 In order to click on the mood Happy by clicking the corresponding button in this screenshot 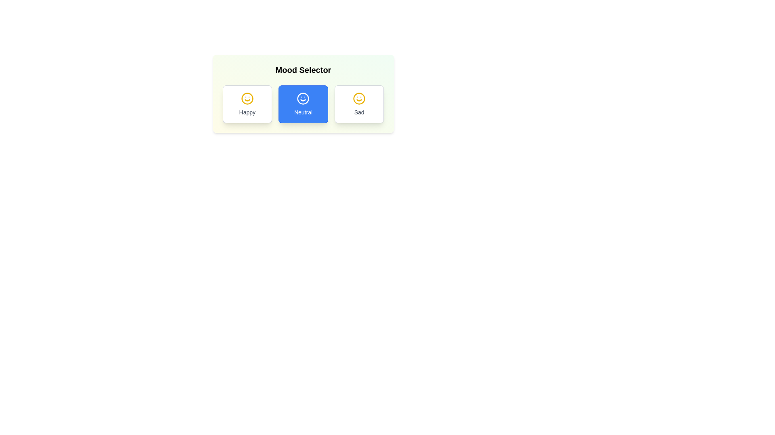, I will do `click(247, 104)`.